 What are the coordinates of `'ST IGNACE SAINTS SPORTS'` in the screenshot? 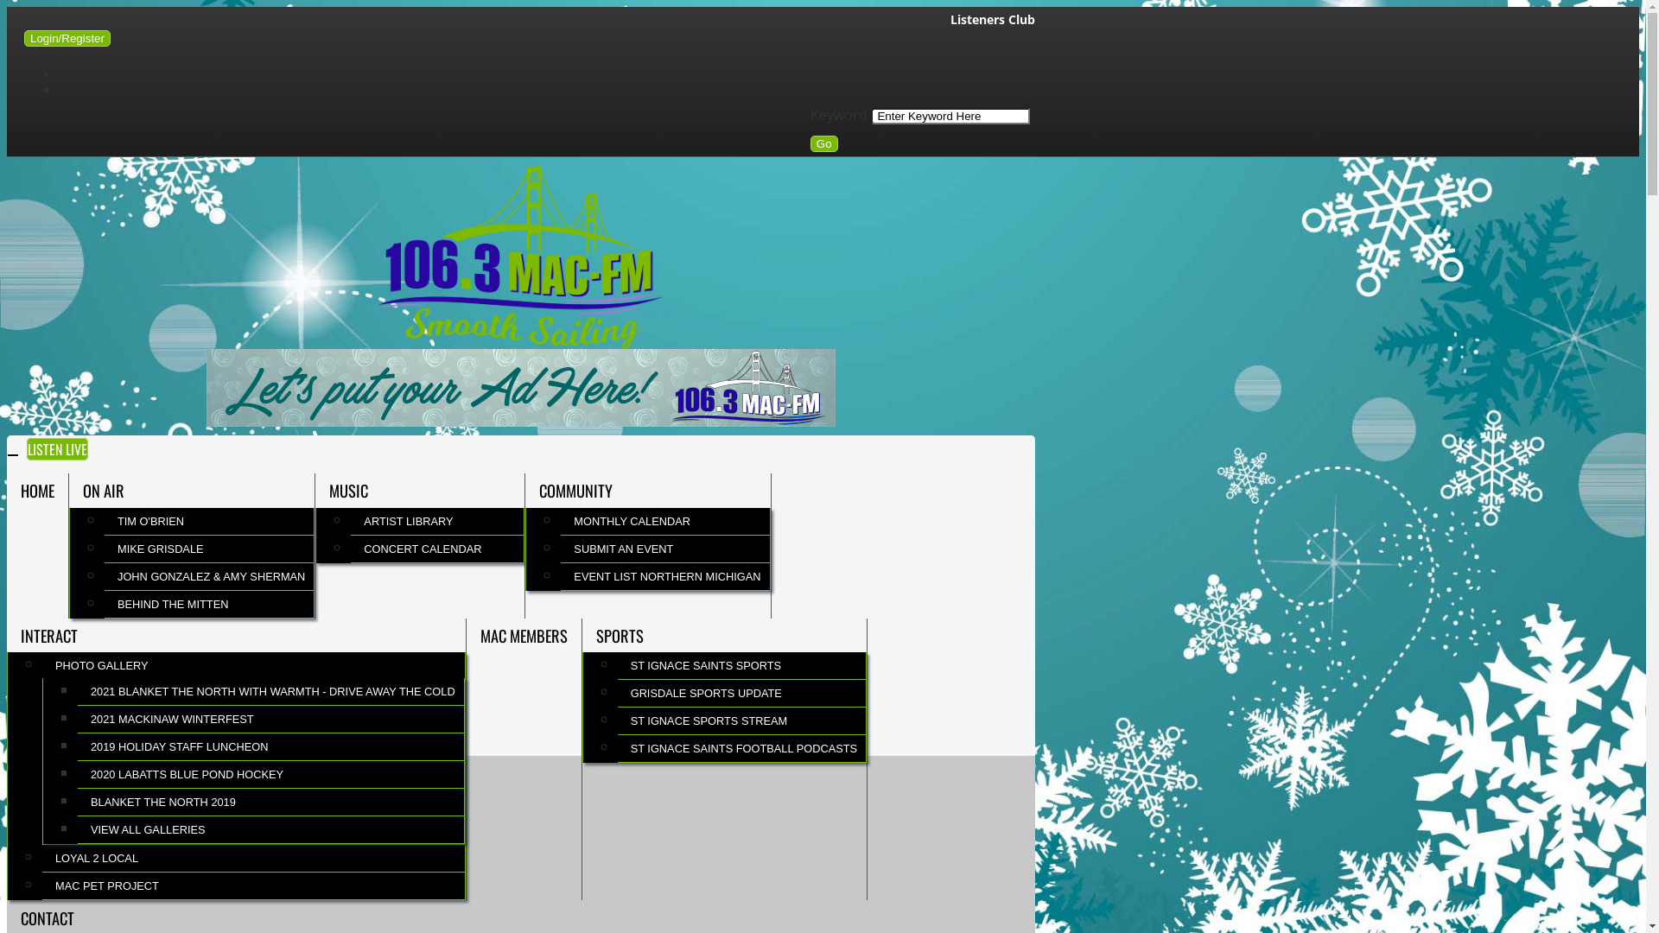 It's located at (741, 664).